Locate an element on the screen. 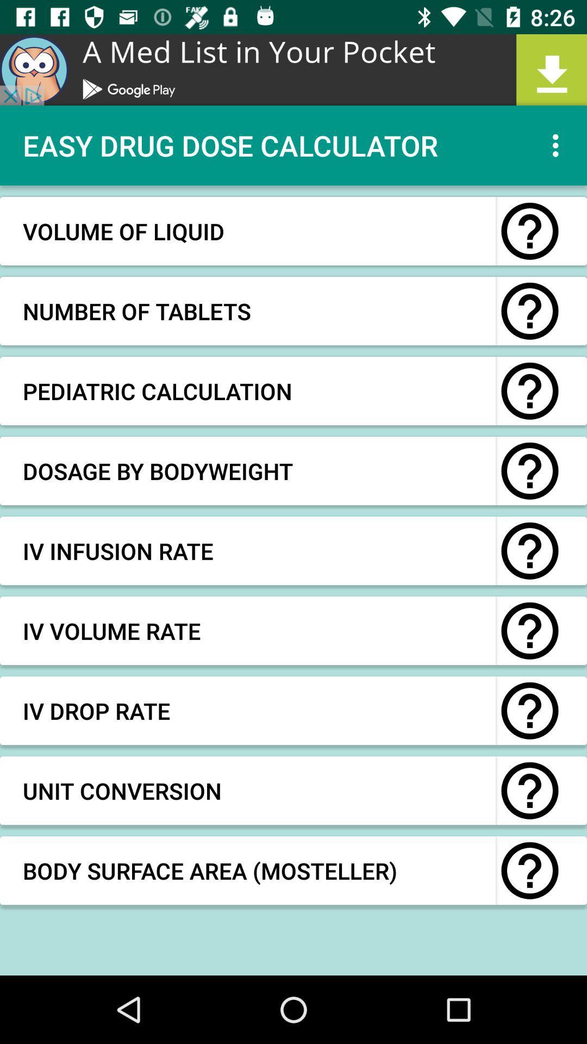 The image size is (587, 1044). see more info is located at coordinates (529, 231).